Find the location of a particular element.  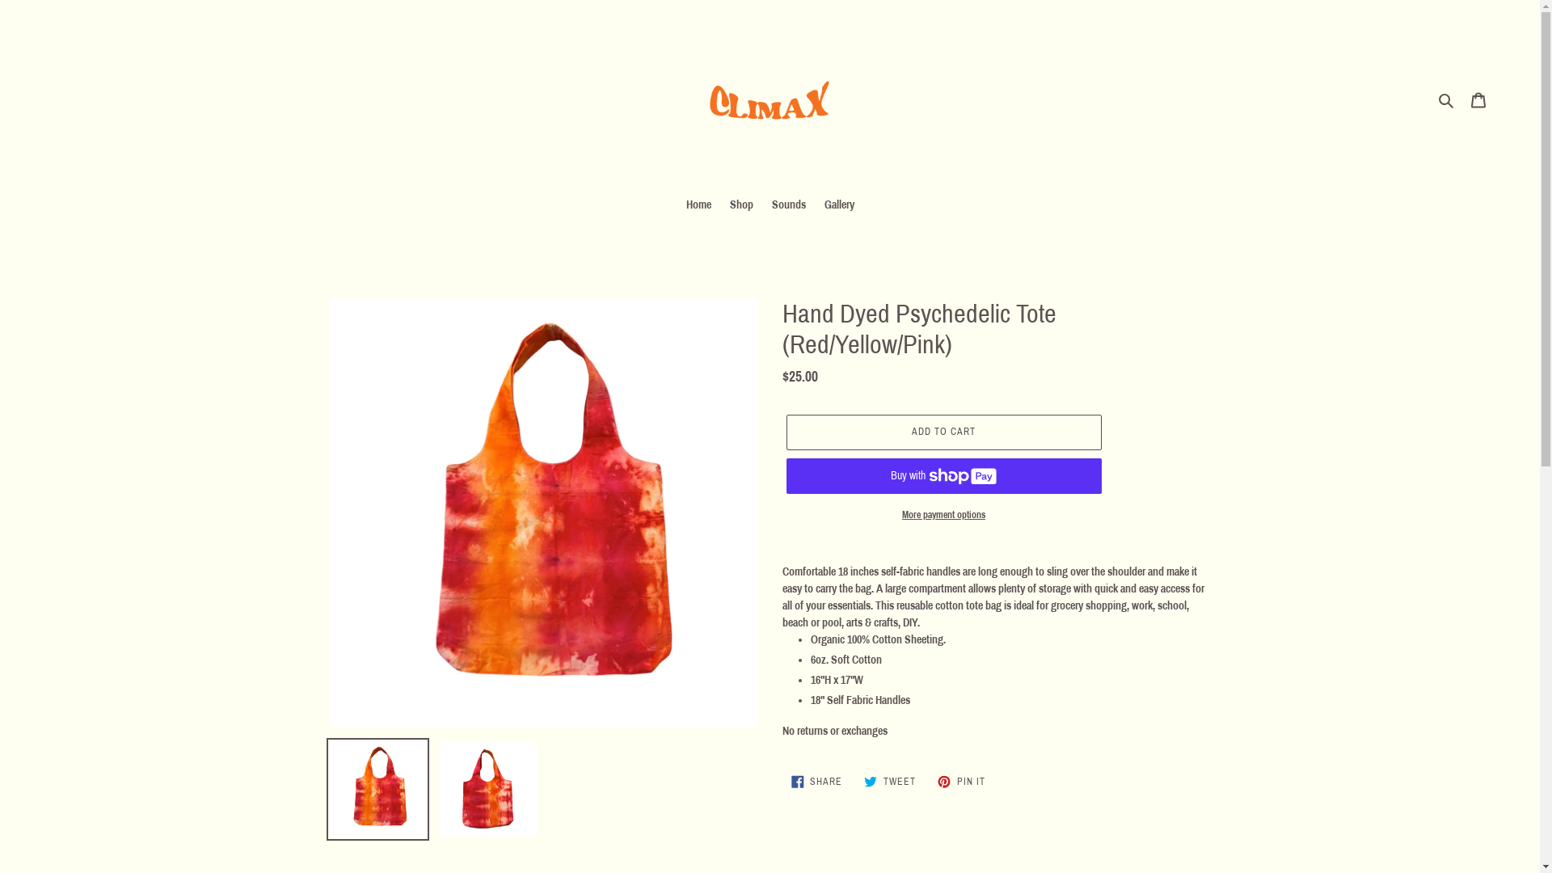

'SHARE is located at coordinates (782, 781).